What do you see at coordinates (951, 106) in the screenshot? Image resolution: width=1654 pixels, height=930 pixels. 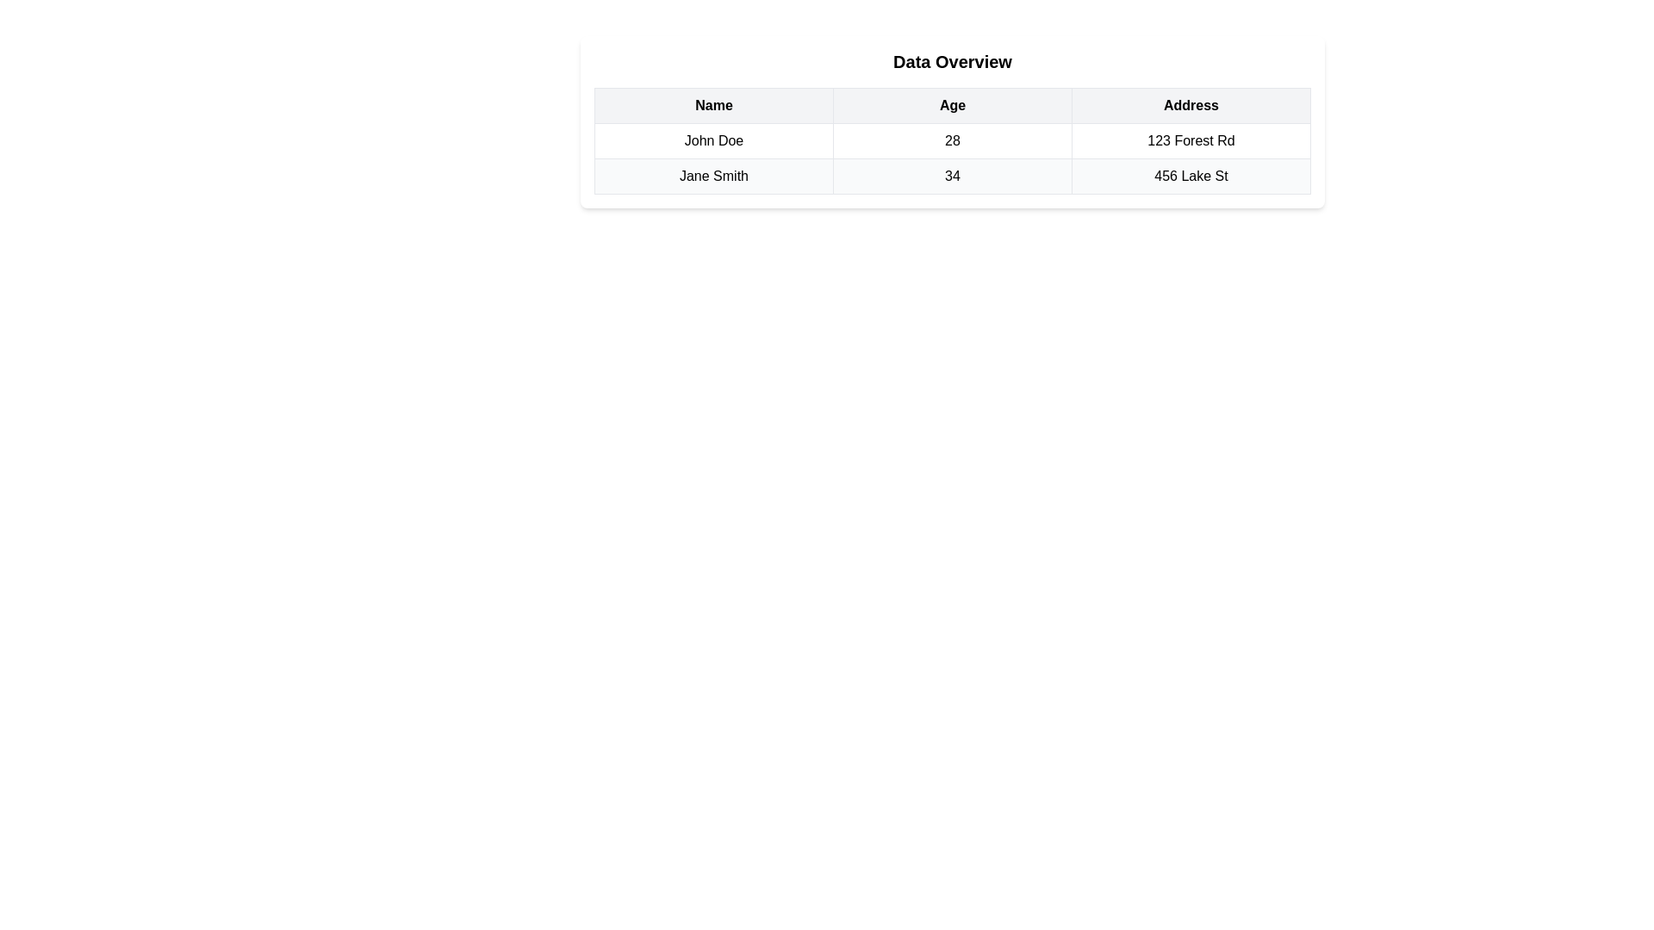 I see `text 'Age' from the table header row, which is the first row in a table structure with cells styled in light gray and bordered by a thin gray outline` at bounding box center [951, 106].